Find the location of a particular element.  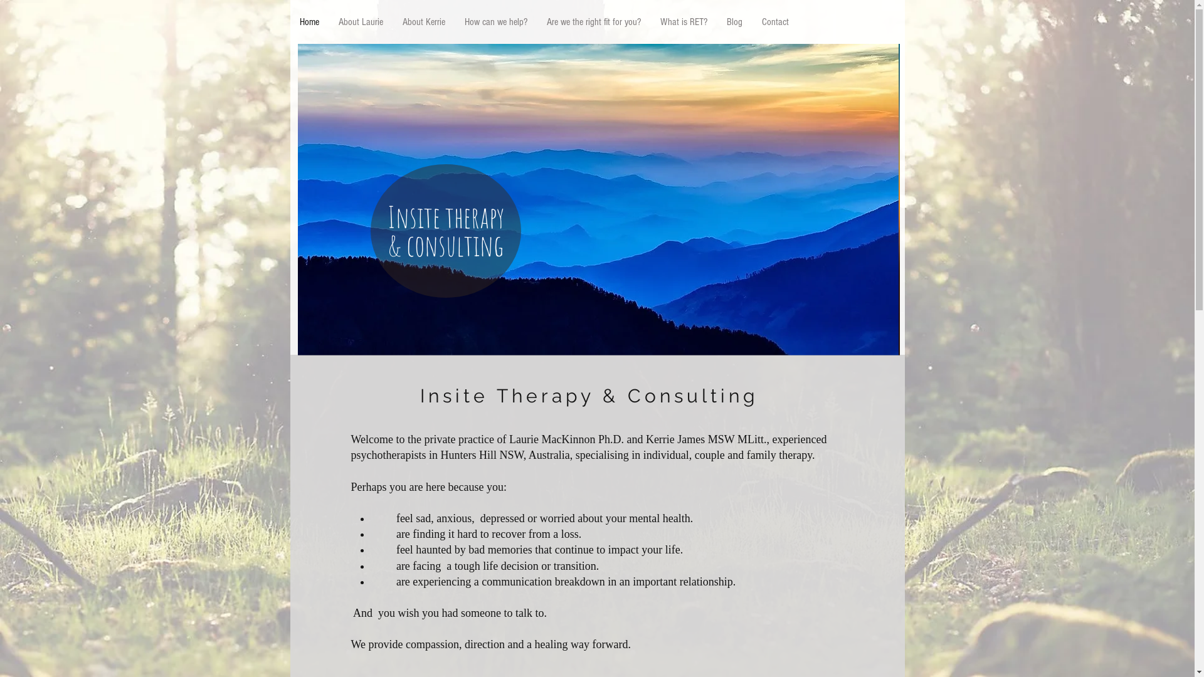

'About Kerrie' is located at coordinates (391, 22).